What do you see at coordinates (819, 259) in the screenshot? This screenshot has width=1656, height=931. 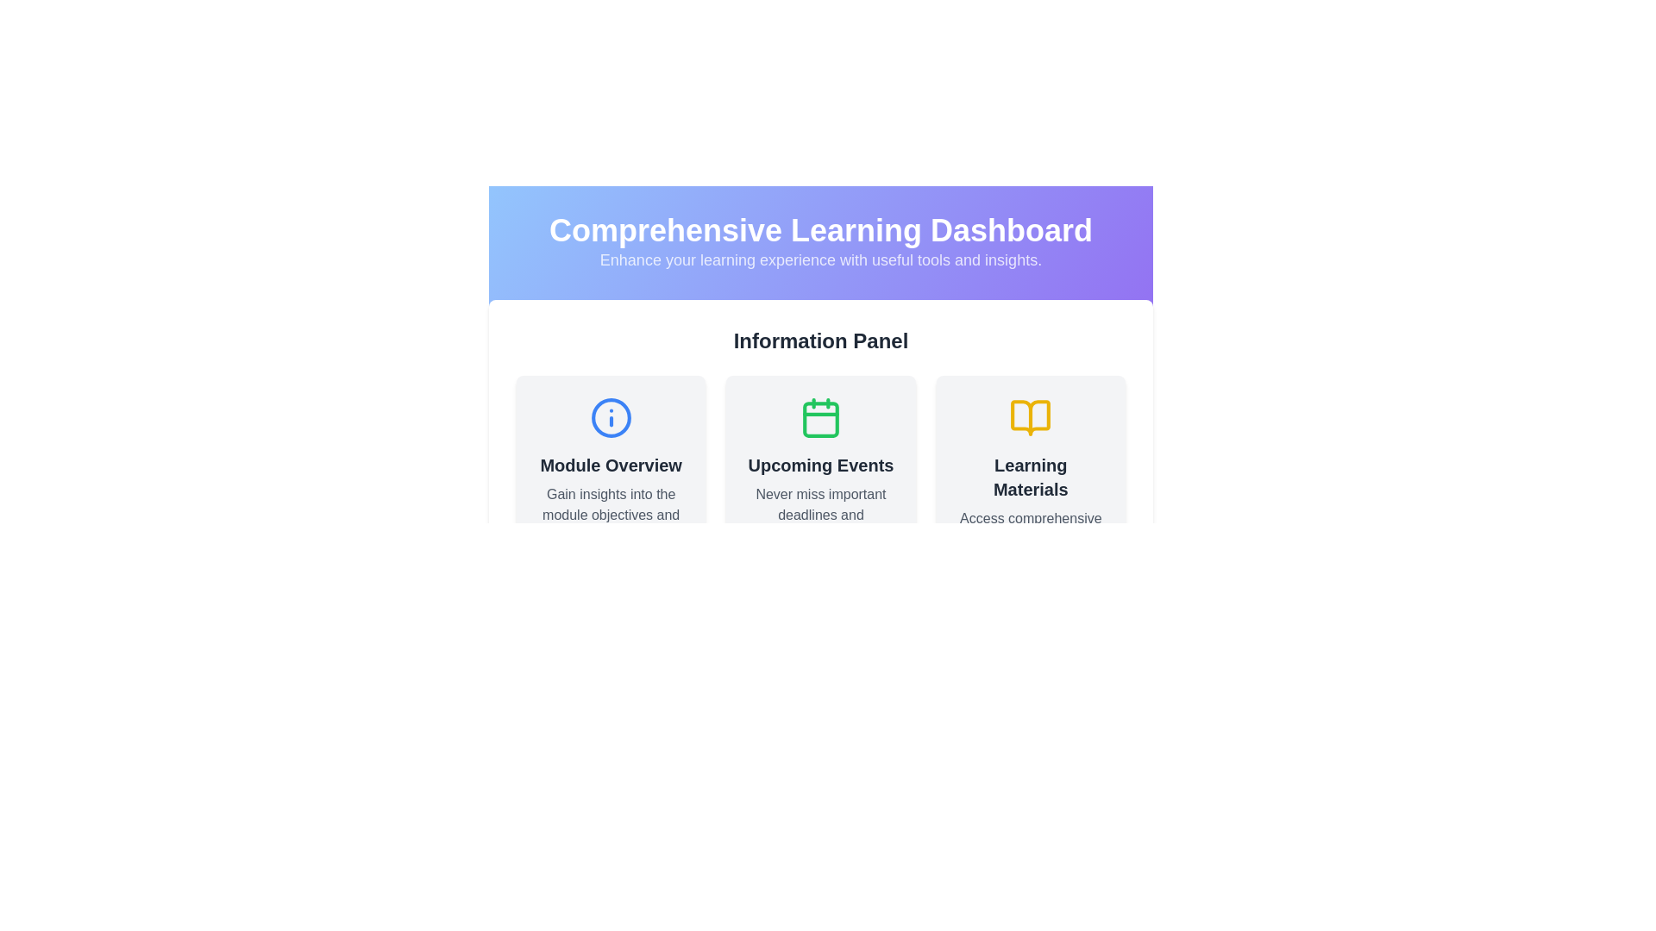 I see `the subtitle text element that provides additional context beneath the main title 'Comprehensive Learning Dashboard'` at bounding box center [819, 259].